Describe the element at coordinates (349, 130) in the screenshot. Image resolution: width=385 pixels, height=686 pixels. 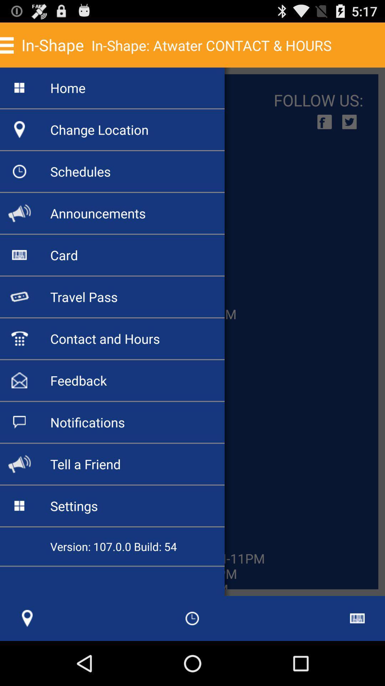
I see `the twitter icon` at that location.